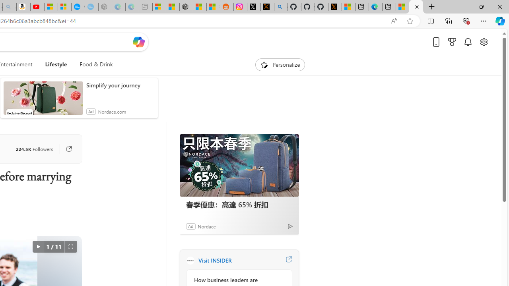  I want to click on 'github - Search', so click(281, 7).